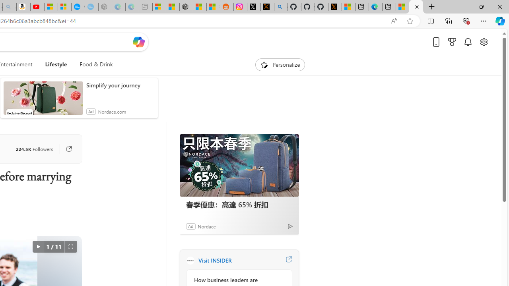  I want to click on 'github - Search', so click(281, 7).